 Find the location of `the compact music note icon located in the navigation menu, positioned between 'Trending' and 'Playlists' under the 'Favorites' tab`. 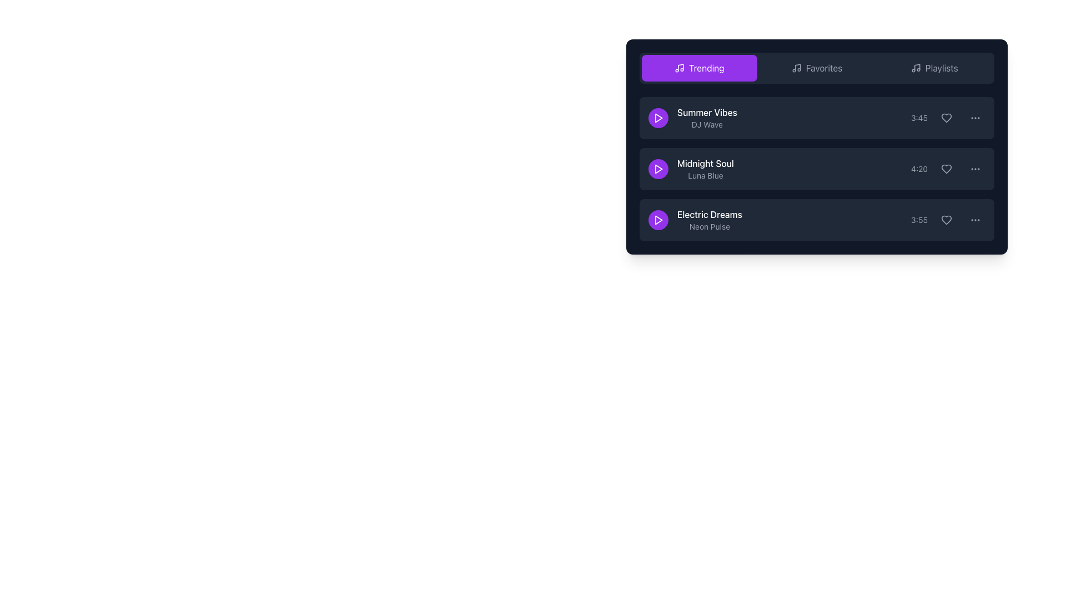

the compact music note icon located in the navigation menu, positioned between 'Trending' and 'Playlists' under the 'Favorites' tab is located at coordinates (796, 68).